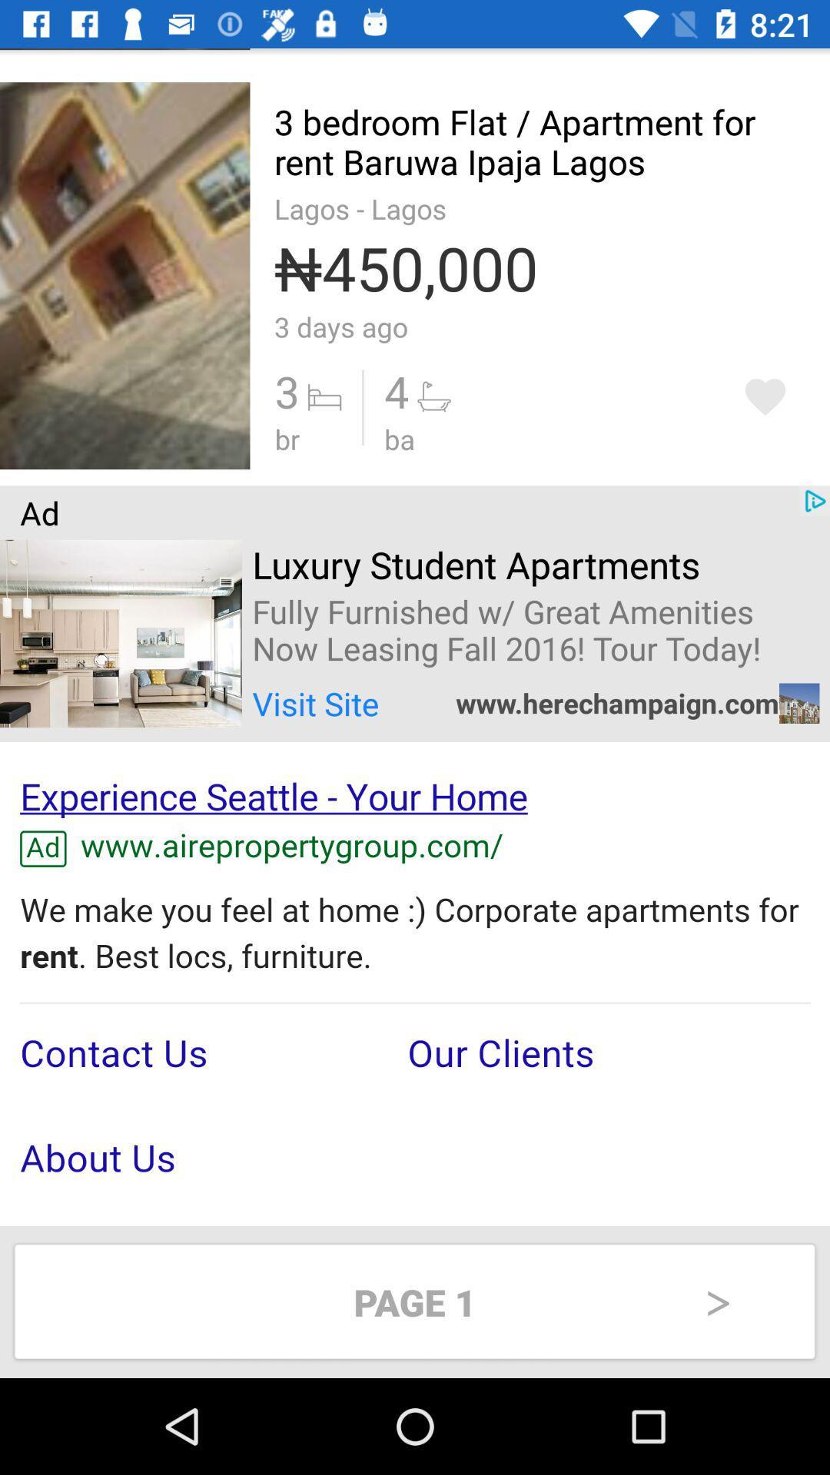  I want to click on the right arrow at bottom right of page, so click(719, 1301).